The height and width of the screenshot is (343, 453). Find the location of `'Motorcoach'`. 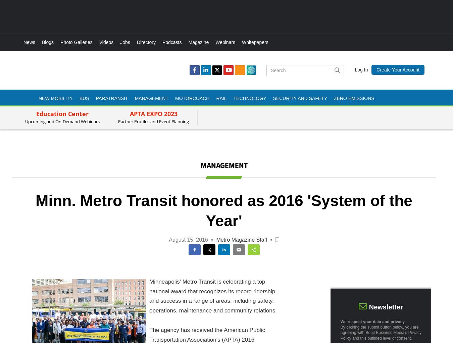

'Motorcoach' is located at coordinates (192, 98).